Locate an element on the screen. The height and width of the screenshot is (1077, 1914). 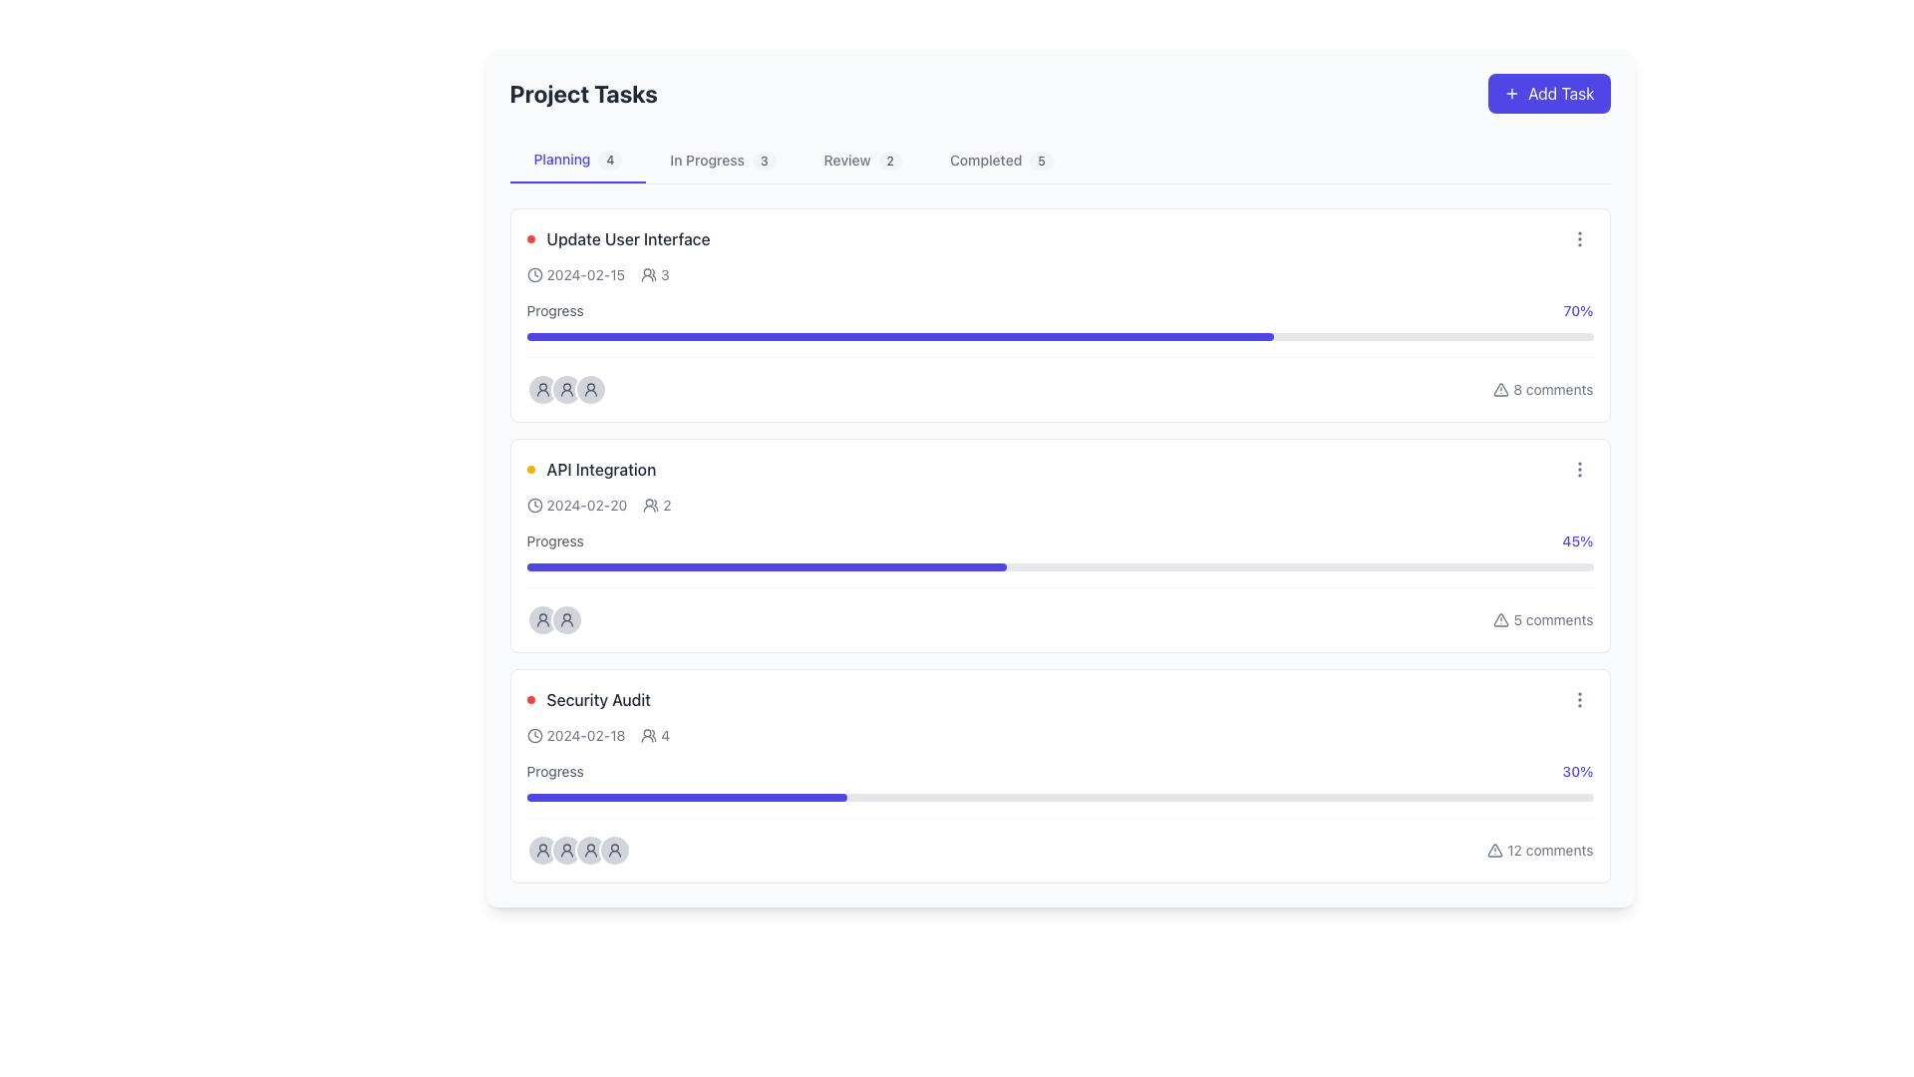
the small user group icon with the number '3' in the 'Update User Interface' task card located in the 'Planning' section is located at coordinates (655, 275).